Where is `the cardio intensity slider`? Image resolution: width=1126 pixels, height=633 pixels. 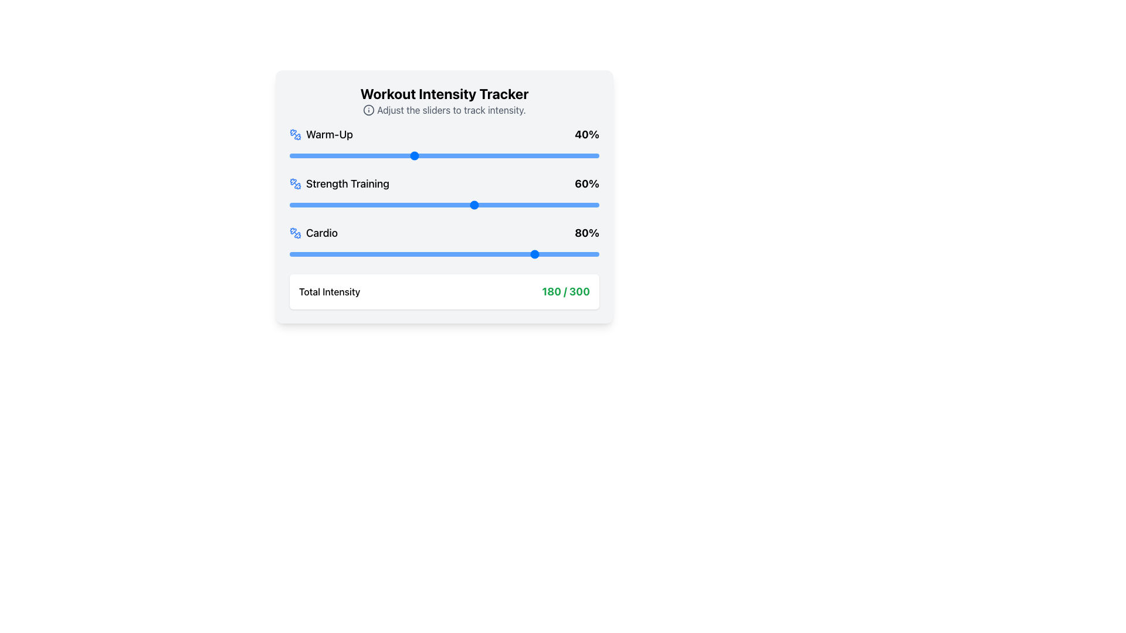 the cardio intensity slider is located at coordinates (549, 254).